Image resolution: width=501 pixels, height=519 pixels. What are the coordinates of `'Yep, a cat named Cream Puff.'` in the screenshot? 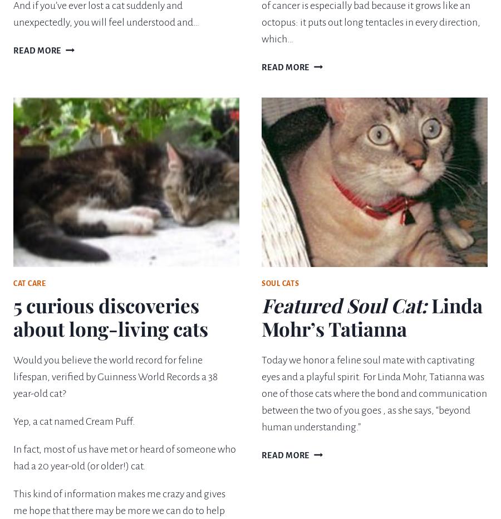 It's located at (74, 421).